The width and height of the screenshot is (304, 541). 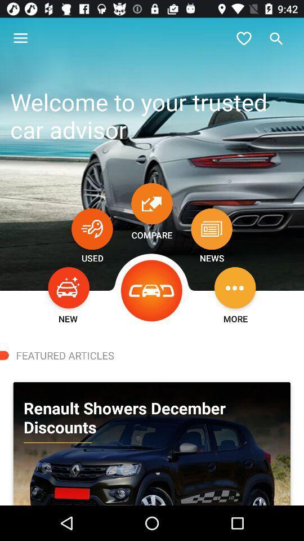 I want to click on the icon above featured articles icon, so click(x=152, y=290).